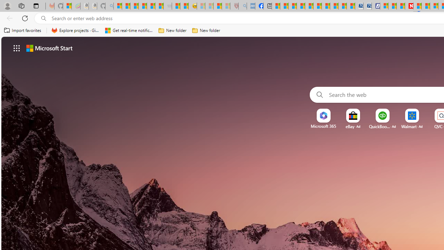 The image size is (444, 250). I want to click on 'Newsweek - News, Analysis, Politics, Business, Technology', so click(409, 6).